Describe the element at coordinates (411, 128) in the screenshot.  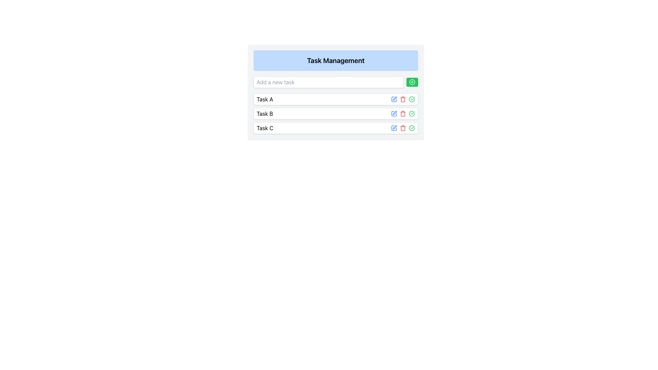
I see `the green circular icon button with a white checkmark located on the right side of the third row in the task management section to confirm Task C` at that location.